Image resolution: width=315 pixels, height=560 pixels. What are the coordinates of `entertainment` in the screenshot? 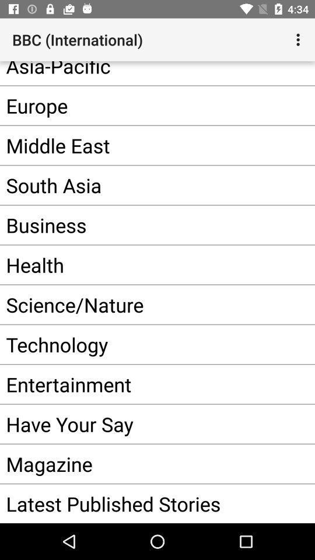 It's located at (145, 383).